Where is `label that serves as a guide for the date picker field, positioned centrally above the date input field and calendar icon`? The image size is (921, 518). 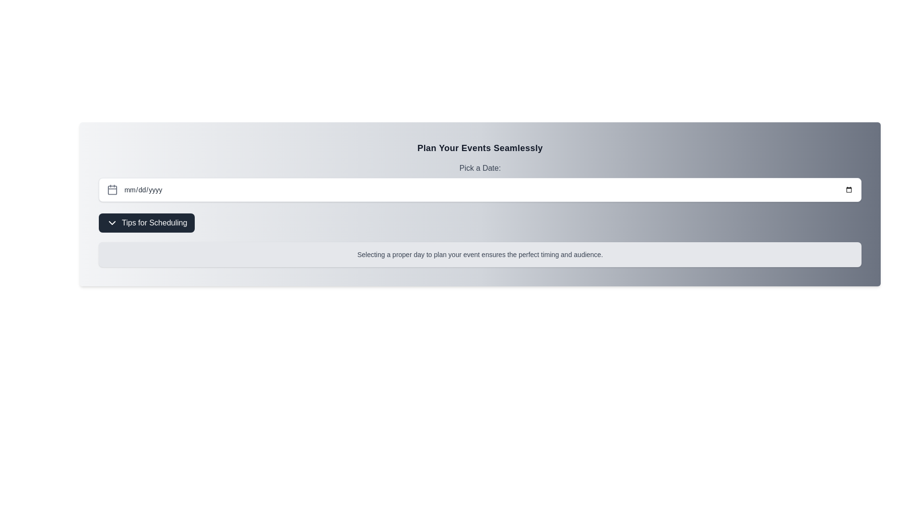
label that serves as a guide for the date picker field, positioned centrally above the date input field and calendar icon is located at coordinates (480, 168).